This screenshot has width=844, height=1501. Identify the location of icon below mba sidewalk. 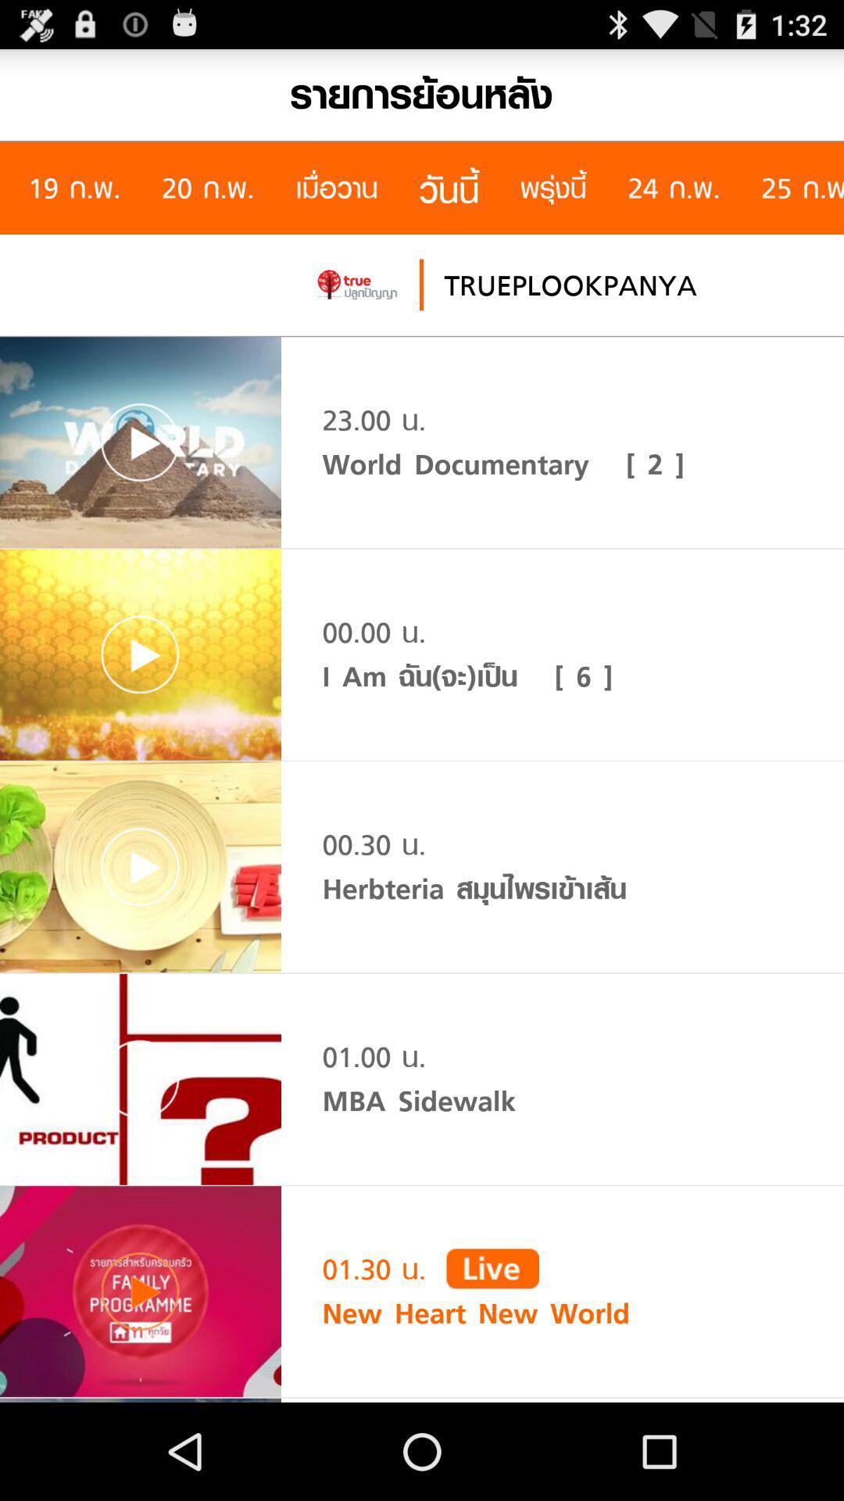
(492, 1268).